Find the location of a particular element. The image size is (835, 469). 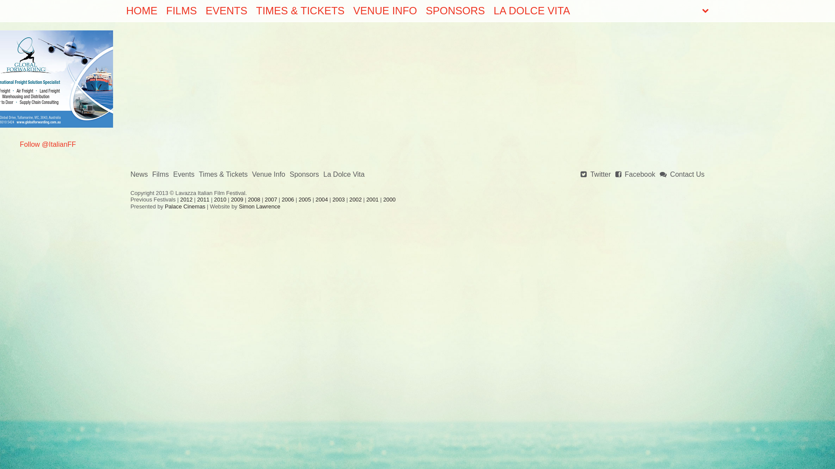

'FILMS' is located at coordinates (181, 10).